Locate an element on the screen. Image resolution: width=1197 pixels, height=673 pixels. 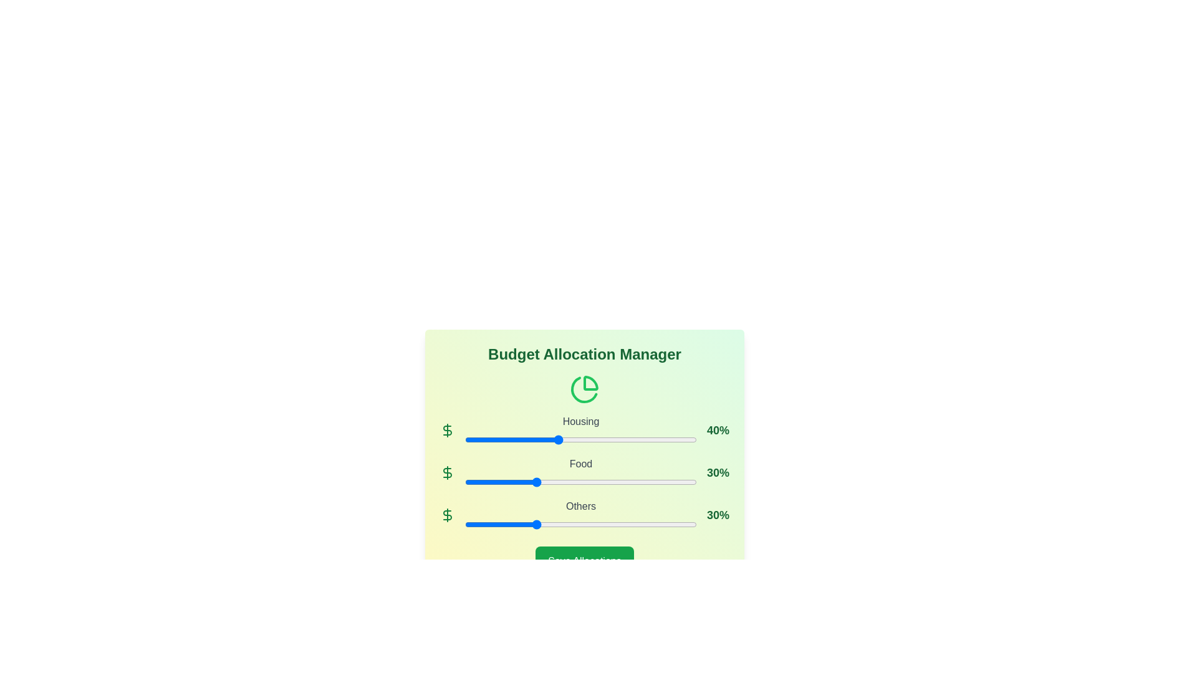
the pie chart icon is located at coordinates (584, 388).